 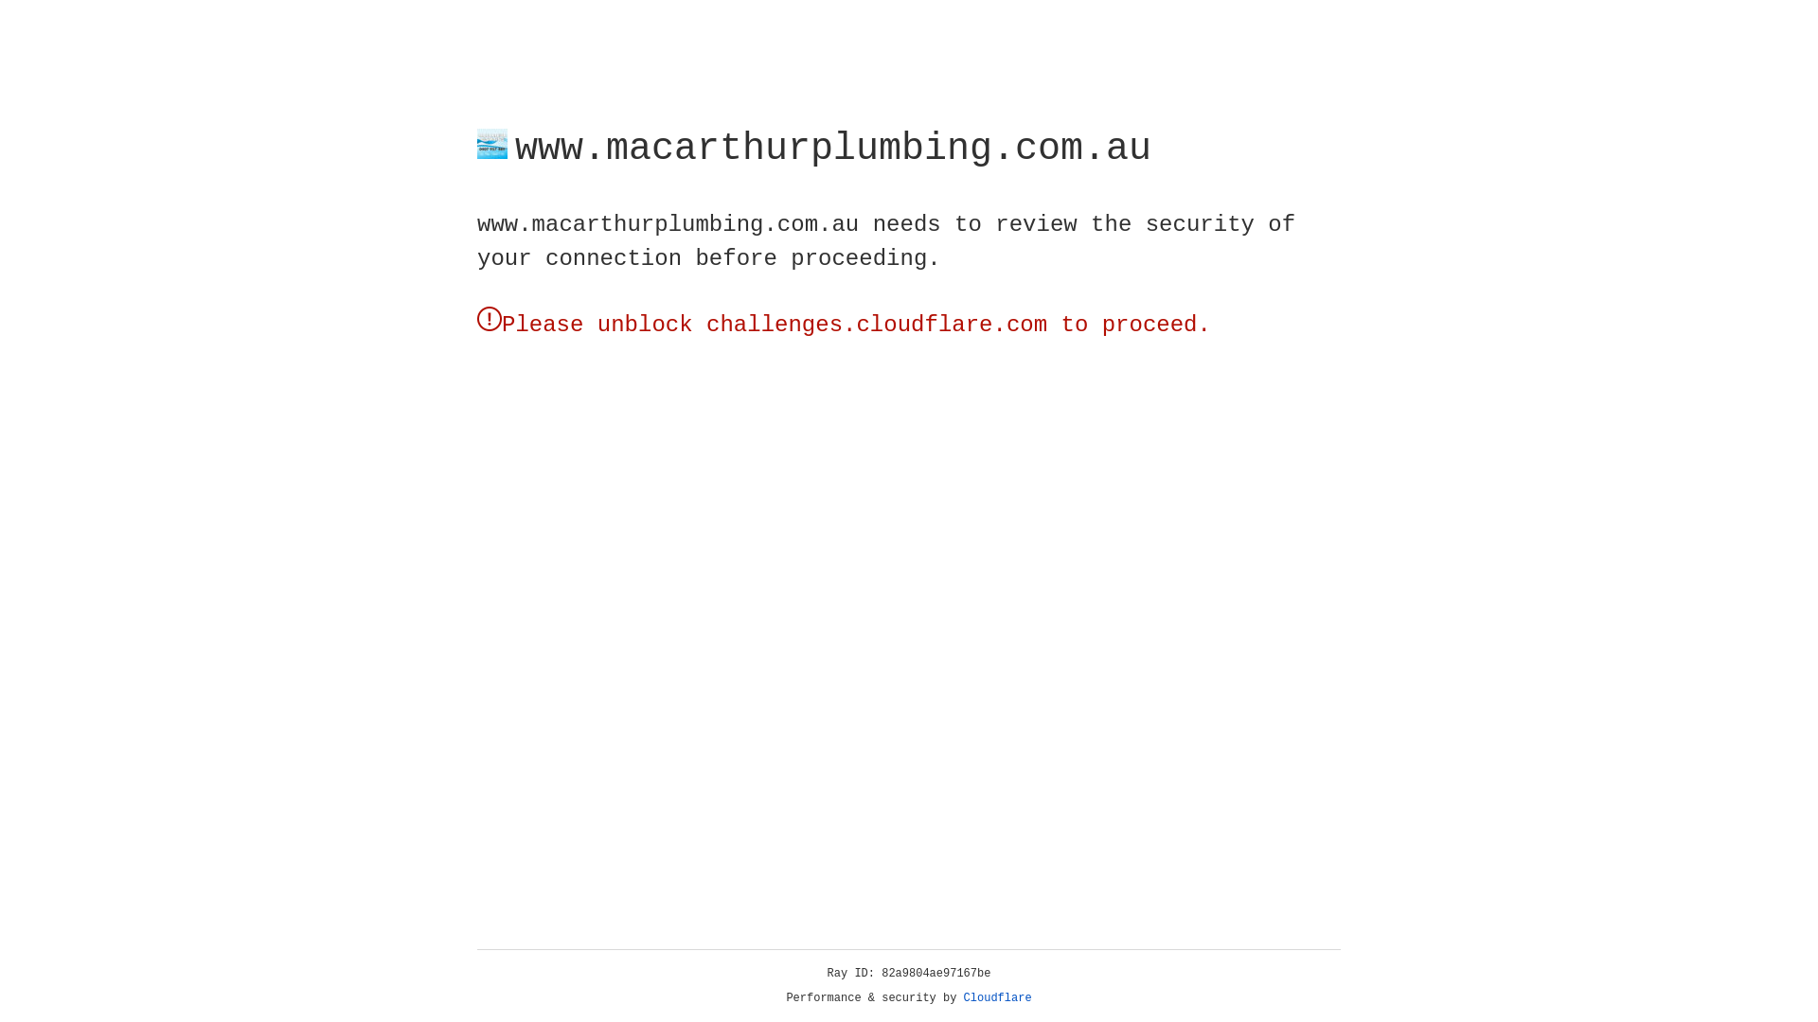 What do you see at coordinates (997, 997) in the screenshot?
I see `'Cloudflare'` at bounding box center [997, 997].